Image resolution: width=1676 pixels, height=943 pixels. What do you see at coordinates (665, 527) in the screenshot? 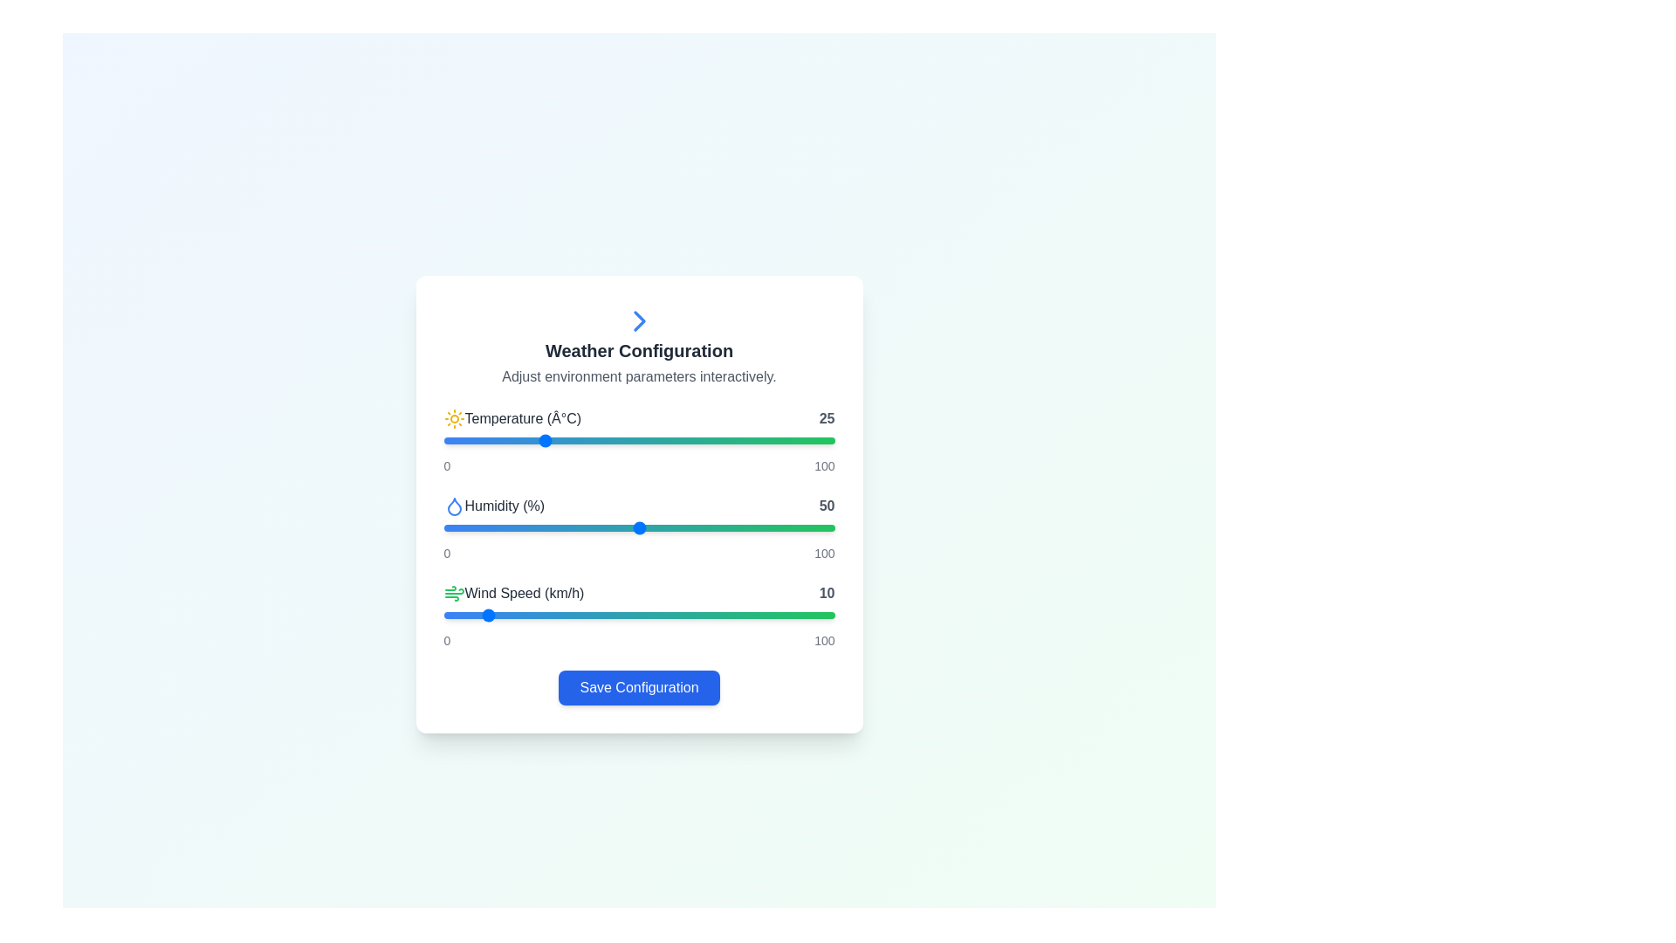
I see `the slider value` at bounding box center [665, 527].